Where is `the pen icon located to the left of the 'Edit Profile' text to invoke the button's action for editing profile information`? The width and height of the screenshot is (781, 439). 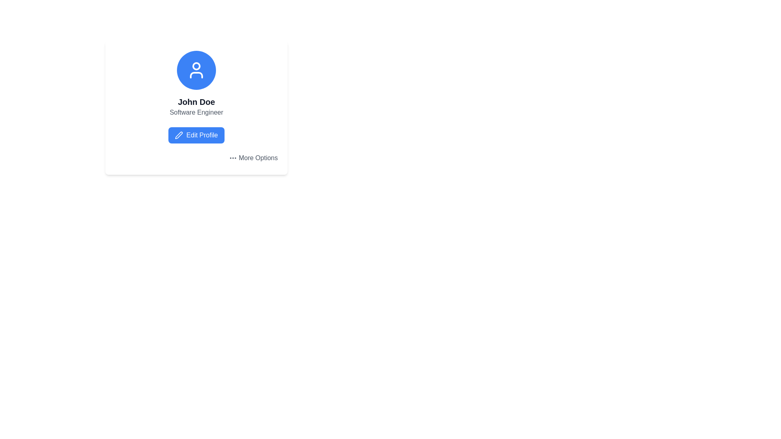 the pen icon located to the left of the 'Edit Profile' text to invoke the button's action for editing profile information is located at coordinates (179, 135).